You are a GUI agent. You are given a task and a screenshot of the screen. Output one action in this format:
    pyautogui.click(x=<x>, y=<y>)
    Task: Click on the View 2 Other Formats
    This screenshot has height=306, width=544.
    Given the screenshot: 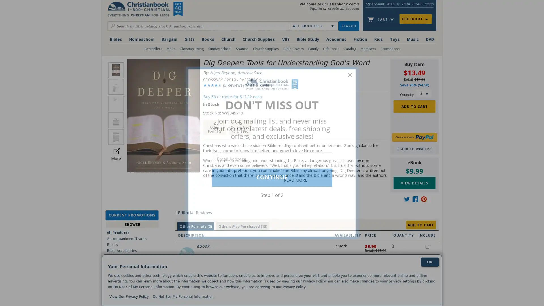 What is the action you would take?
    pyautogui.click(x=195, y=226)
    